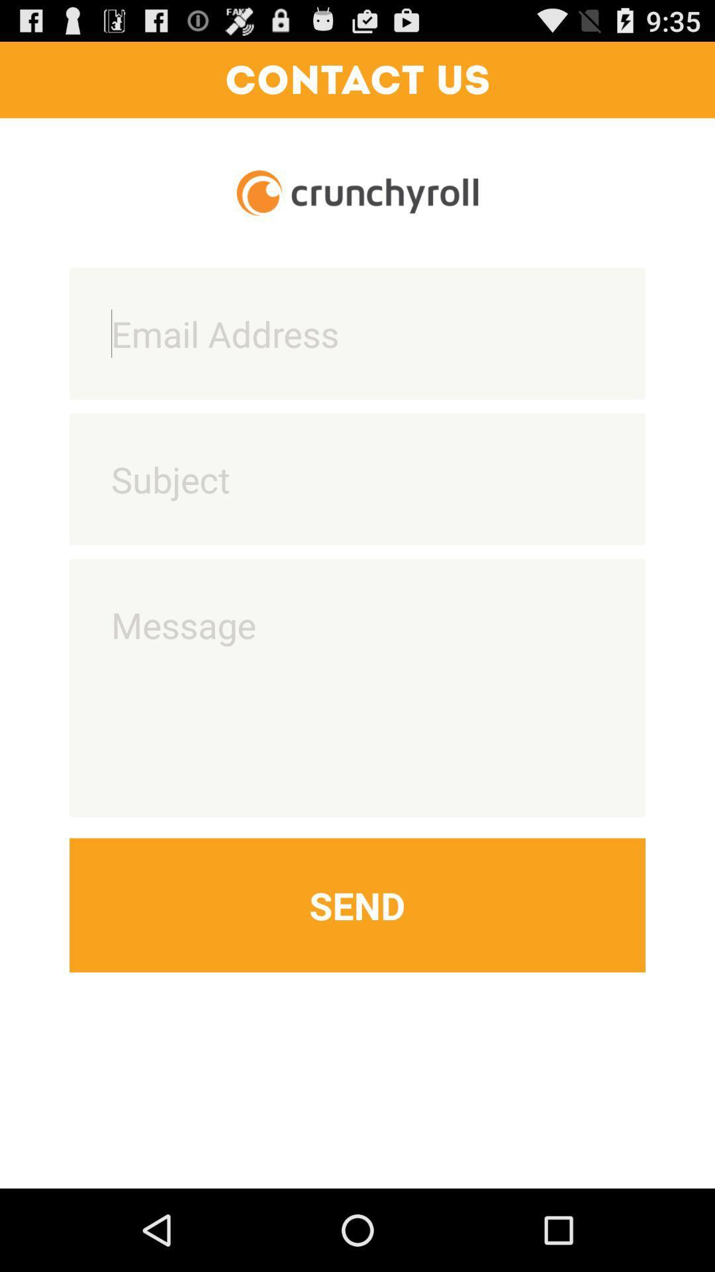 The image size is (715, 1272). I want to click on write a message to the crunchyroll team, so click(358, 688).